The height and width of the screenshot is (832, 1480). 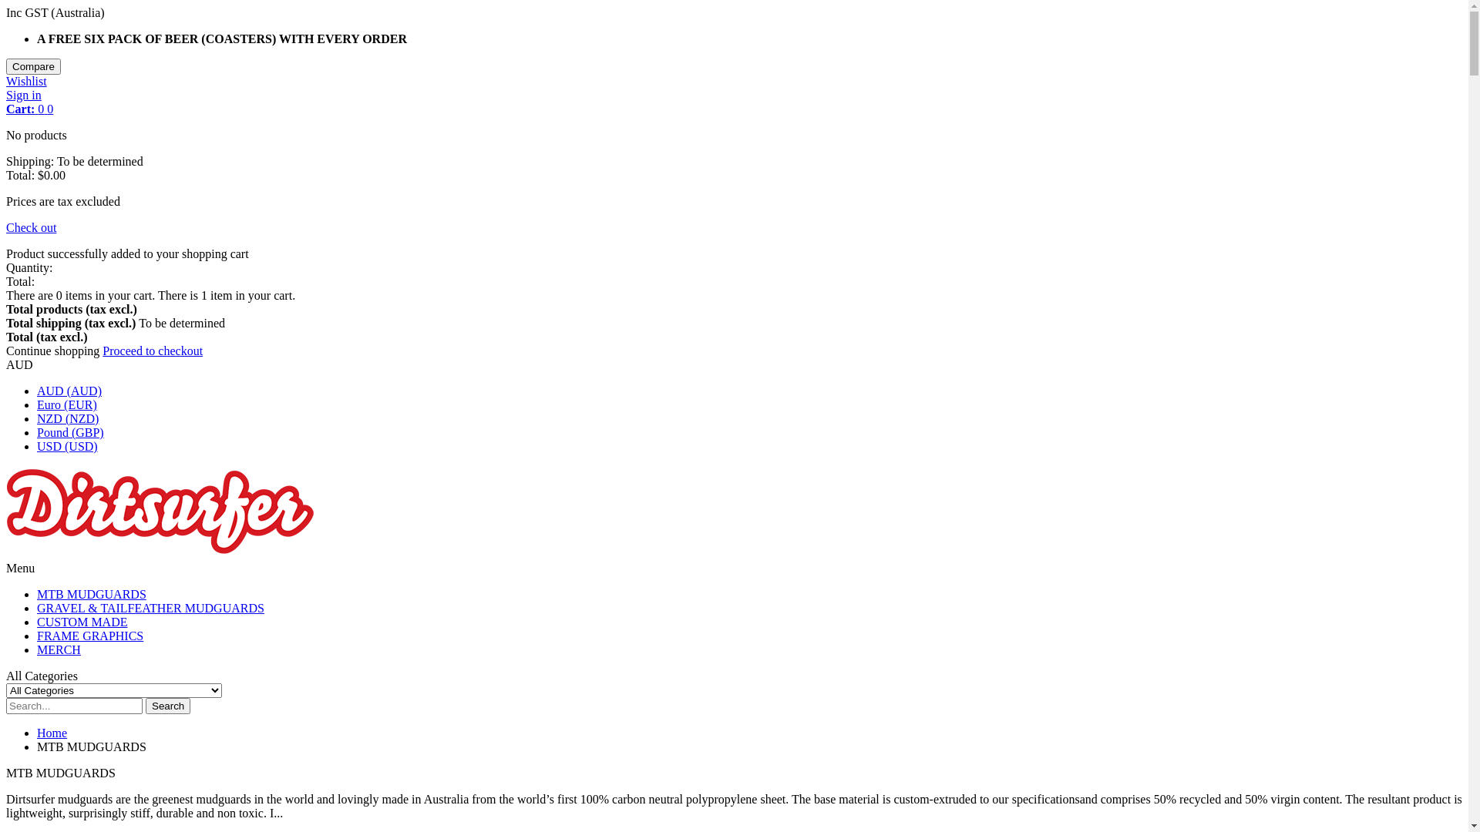 What do you see at coordinates (37, 390) in the screenshot?
I see `'AUD (AUD)'` at bounding box center [37, 390].